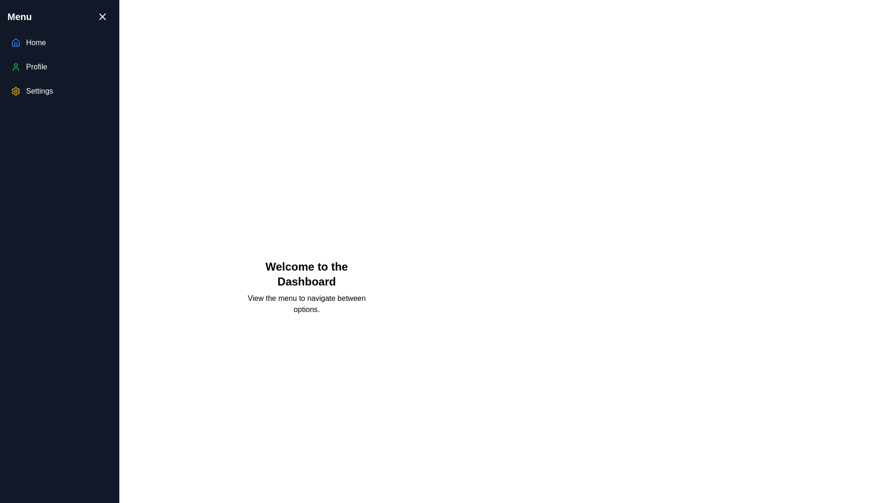 The height and width of the screenshot is (503, 895). What do you see at coordinates (20, 16) in the screenshot?
I see `the Text Label located at the top-left corner of the sidebar section, which serves as a title for the sidebar` at bounding box center [20, 16].